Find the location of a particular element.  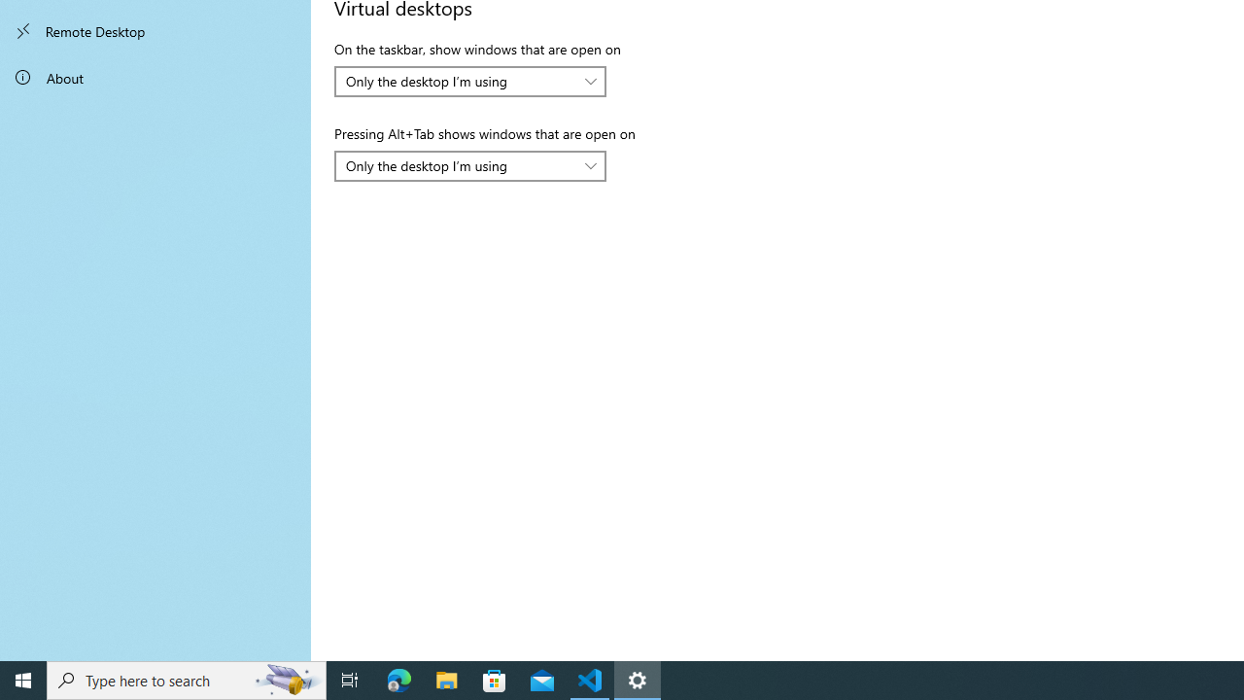

'Start' is located at coordinates (23, 679).